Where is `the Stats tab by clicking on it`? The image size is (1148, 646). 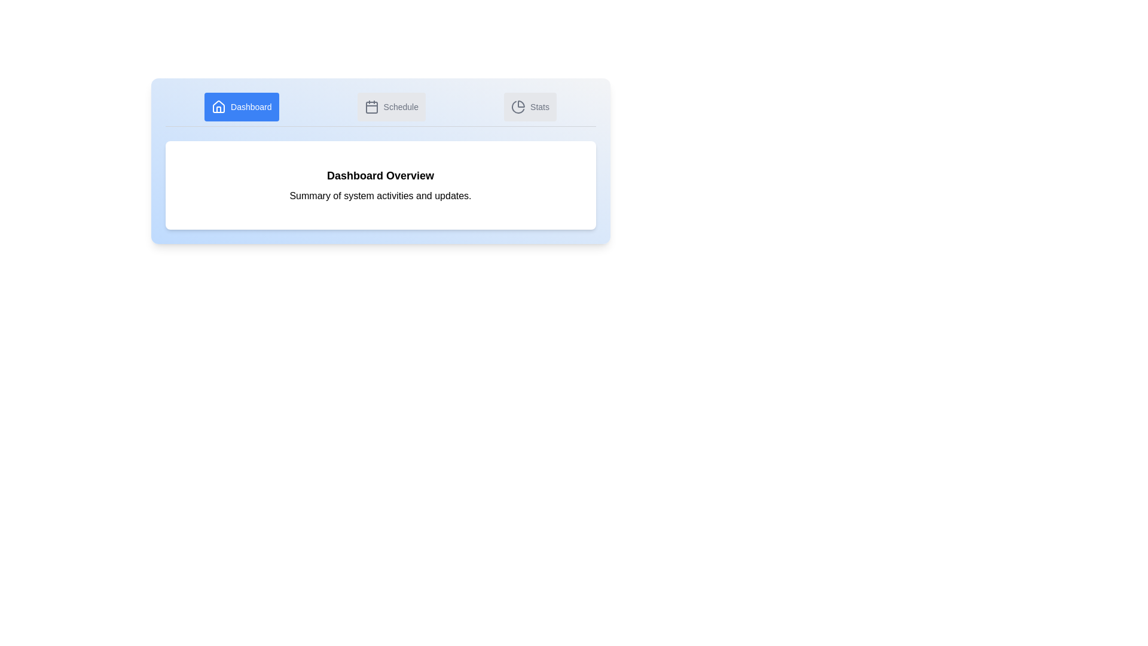 the Stats tab by clicking on it is located at coordinates (530, 106).